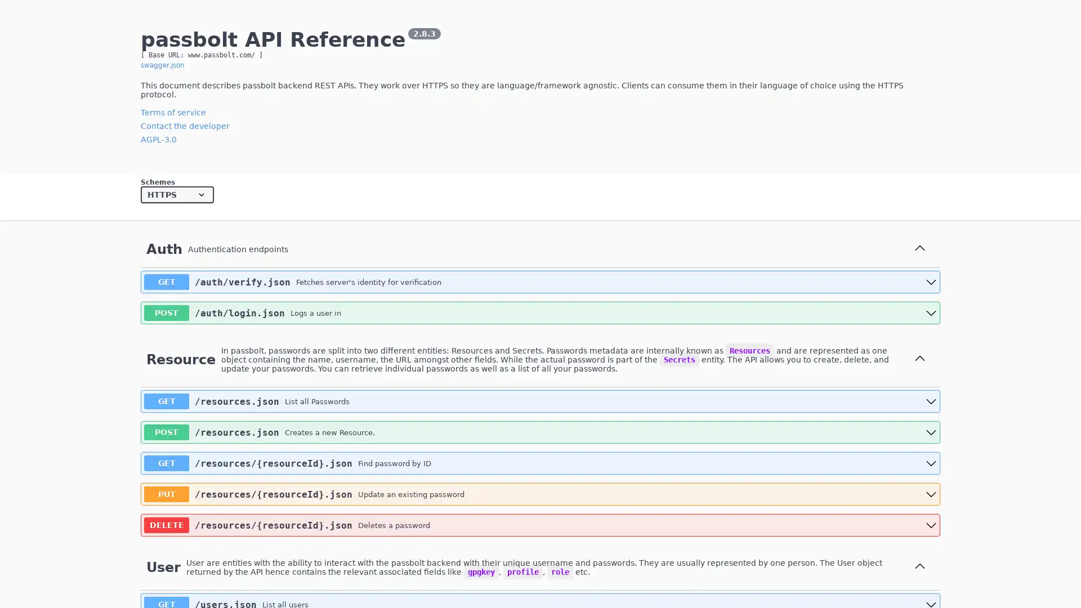 The width and height of the screenshot is (1081, 608). Describe the element at coordinates (540, 494) in the screenshot. I see `put /resources/{resourceId}.json` at that location.